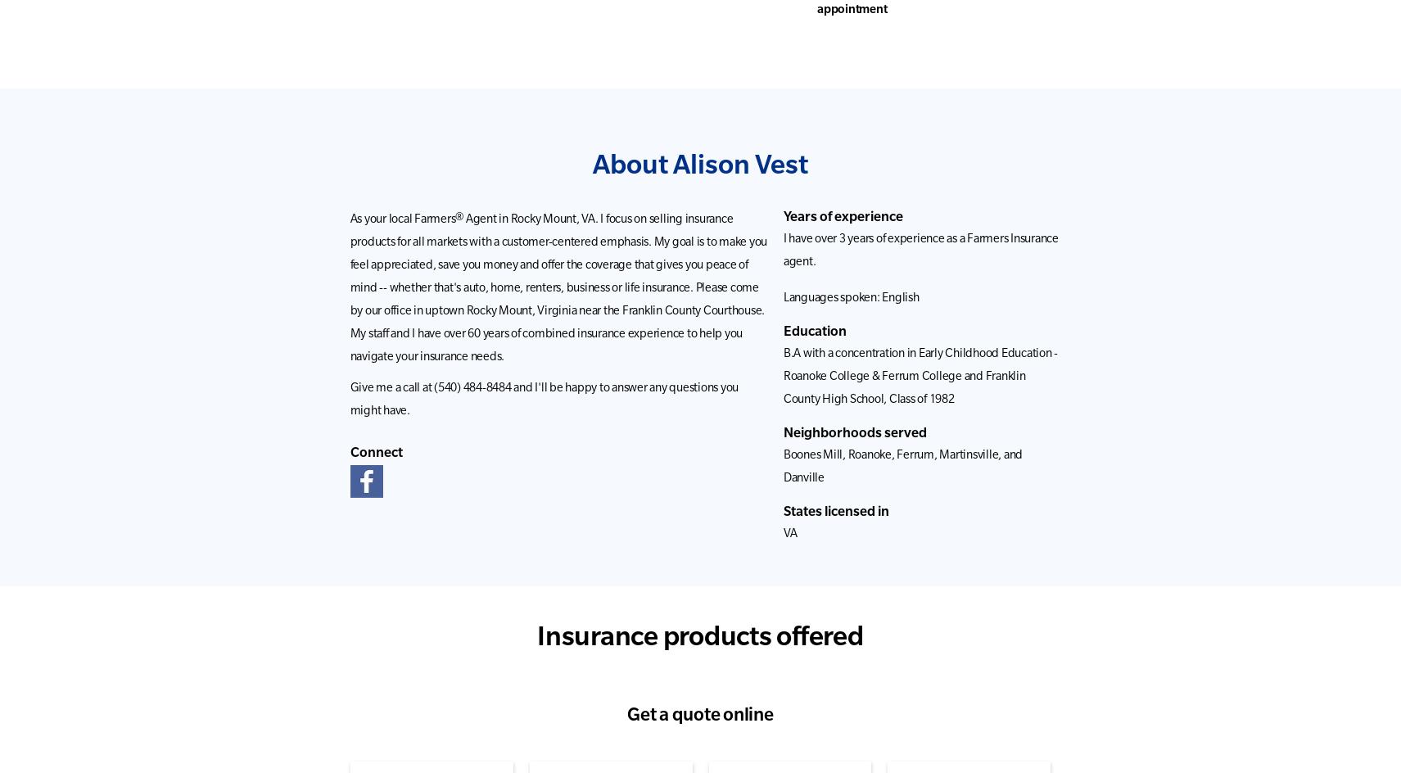 Image resolution: width=1401 pixels, height=773 pixels. What do you see at coordinates (296, 535) in the screenshot?
I see `'Sitemap'` at bounding box center [296, 535].